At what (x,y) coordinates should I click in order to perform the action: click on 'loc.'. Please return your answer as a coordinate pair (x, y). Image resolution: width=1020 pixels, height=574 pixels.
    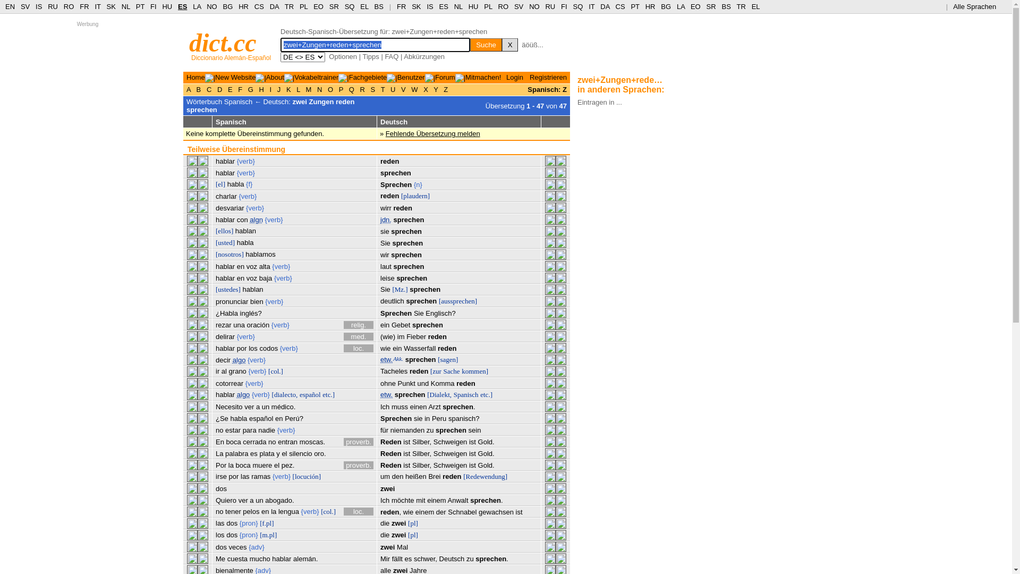
    Looking at the image, I should click on (359, 511).